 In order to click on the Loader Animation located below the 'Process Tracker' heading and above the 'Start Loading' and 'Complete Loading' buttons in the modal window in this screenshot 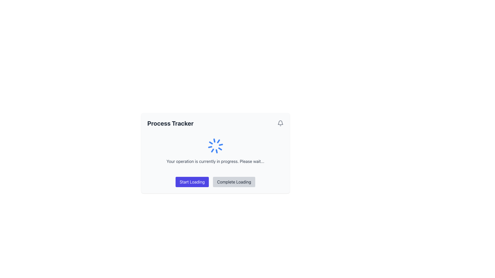, I will do `click(215, 153)`.